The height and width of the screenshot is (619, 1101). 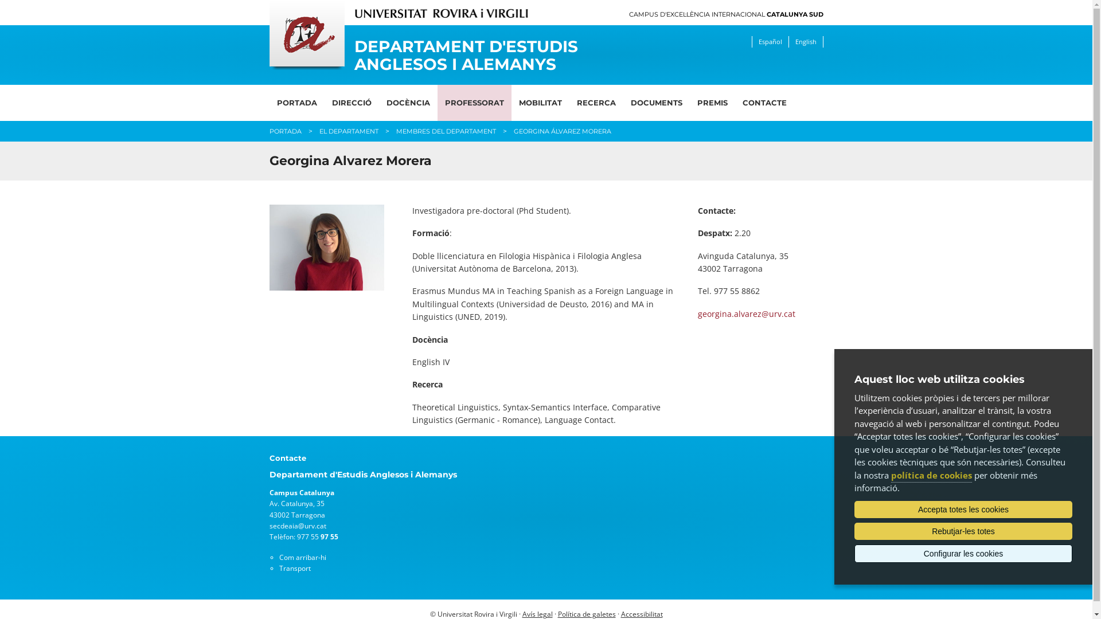 What do you see at coordinates (540, 102) in the screenshot?
I see `'MOBILITAT'` at bounding box center [540, 102].